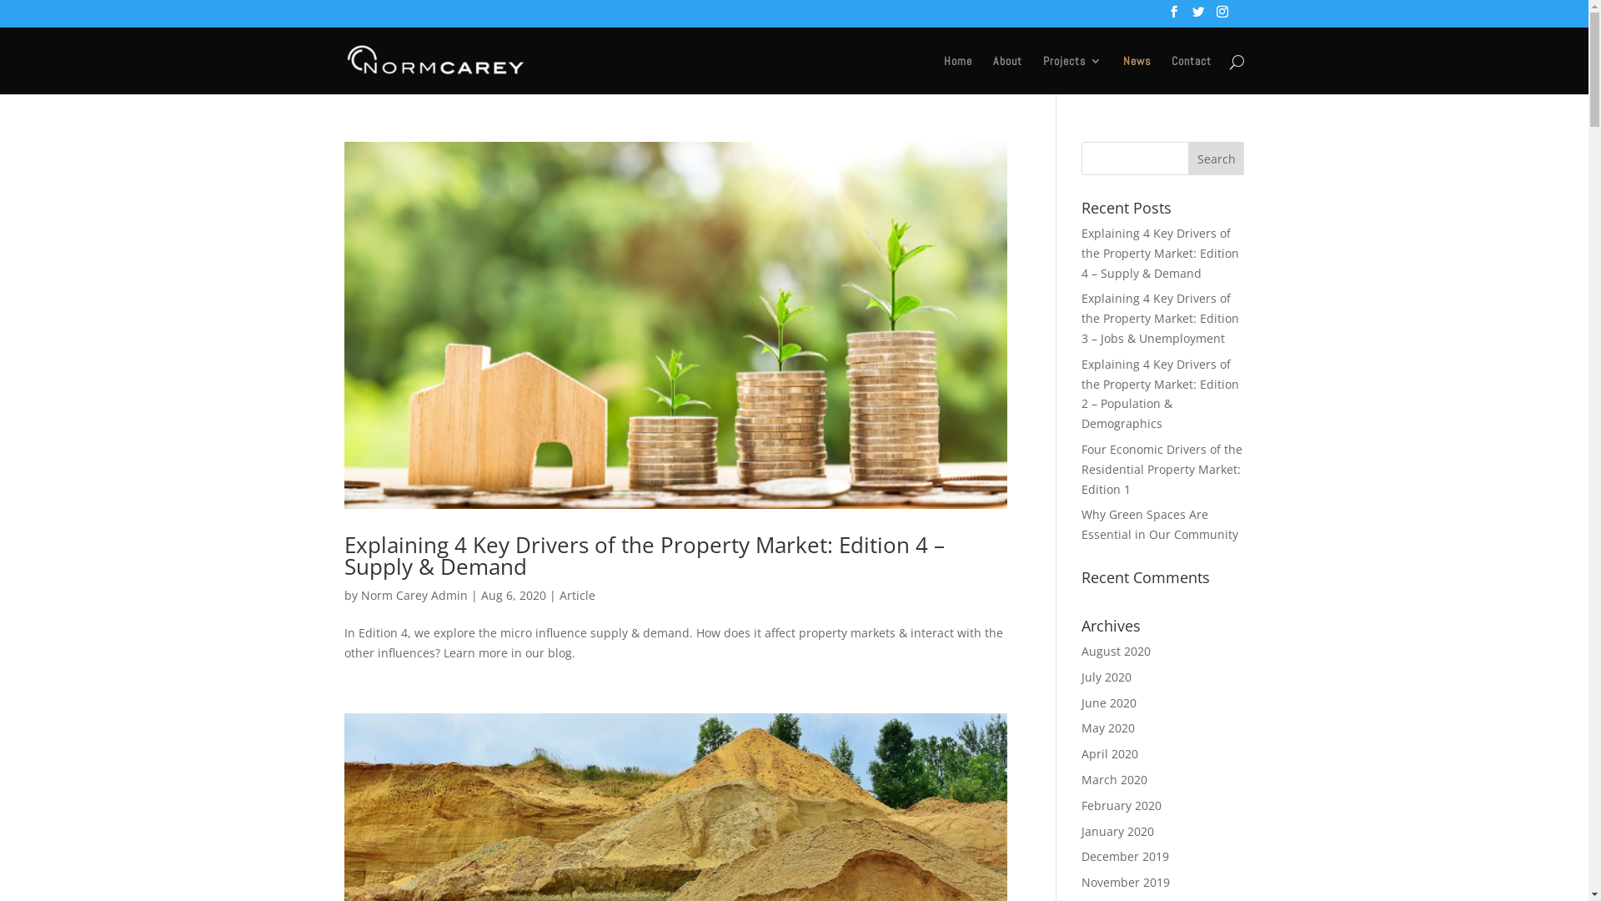 The height and width of the screenshot is (901, 1601). What do you see at coordinates (1125, 881) in the screenshot?
I see `'November 2019'` at bounding box center [1125, 881].